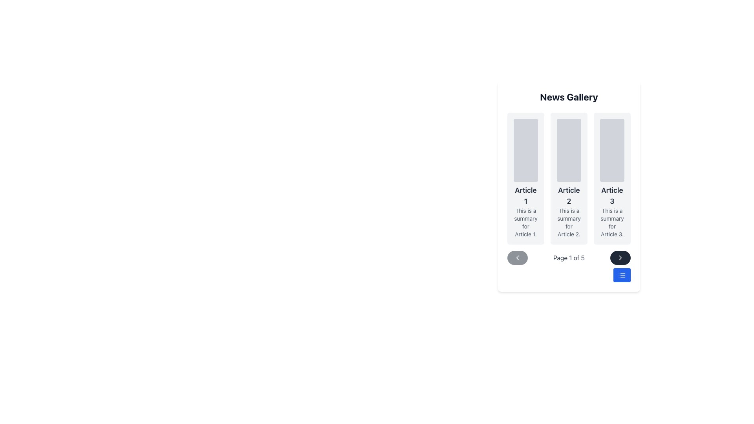 The height and width of the screenshot is (424, 754). What do you see at coordinates (526, 223) in the screenshot?
I see `text that provides a brief summary or description for the article titled 'Article 1', located beneath the 'Article 1' label within the first card of a horizontally arranged list of cards` at bounding box center [526, 223].